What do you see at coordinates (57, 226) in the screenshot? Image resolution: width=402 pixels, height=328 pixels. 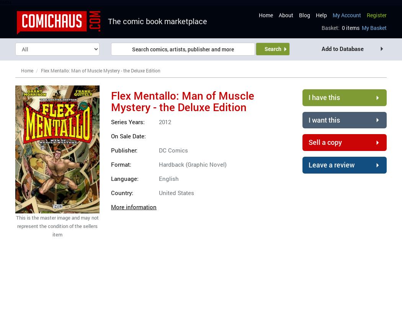 I see `'This is the master image and may not represent the condition of the sellers item'` at bounding box center [57, 226].